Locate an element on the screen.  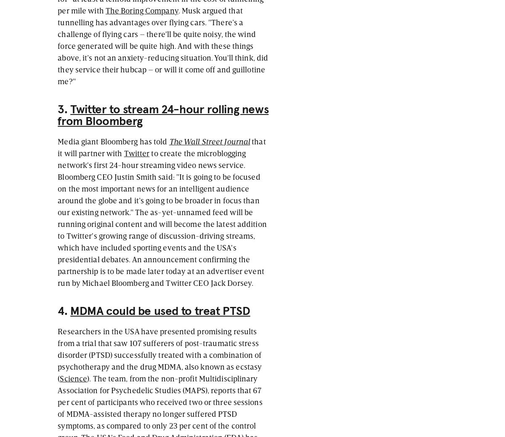
'Media giant Bloomberg has told' is located at coordinates (113, 141).